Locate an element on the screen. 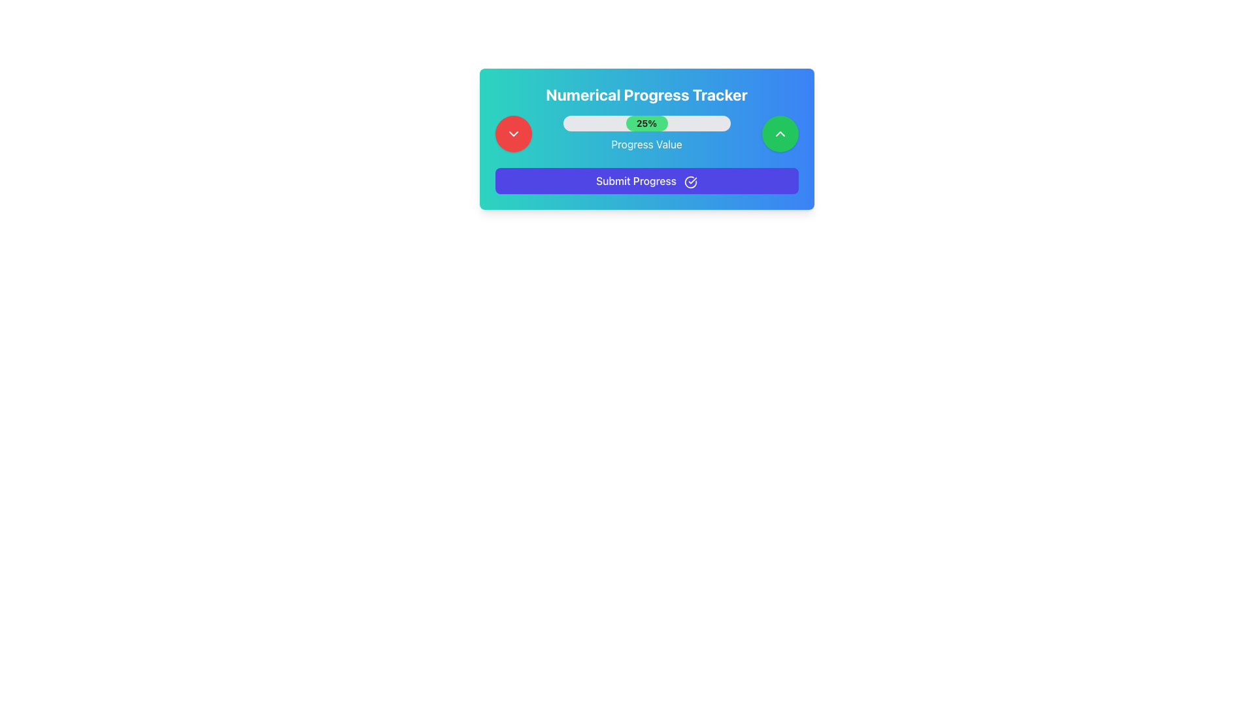 The width and height of the screenshot is (1255, 706). the green section of the progress bar that visually represents 25% completion within the 'Numerical Progress Tracker' interface is located at coordinates (646, 124).